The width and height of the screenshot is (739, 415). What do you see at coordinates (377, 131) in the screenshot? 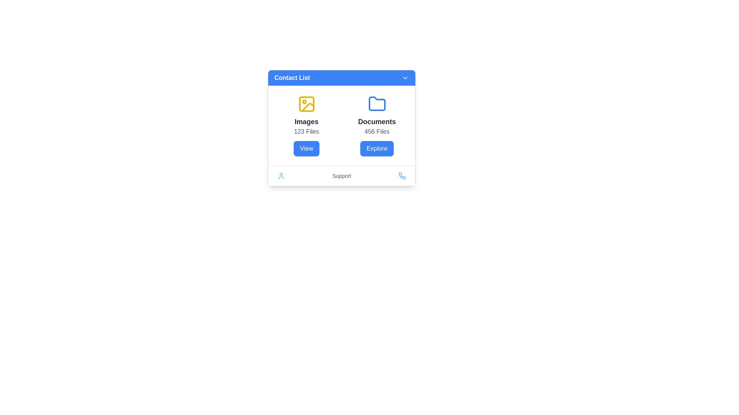
I see `the Label/Text Display that shows '456 Files' in medium gray color, located below 'Documents' and above the 'Explore' button within the 'Documents' section` at bounding box center [377, 131].